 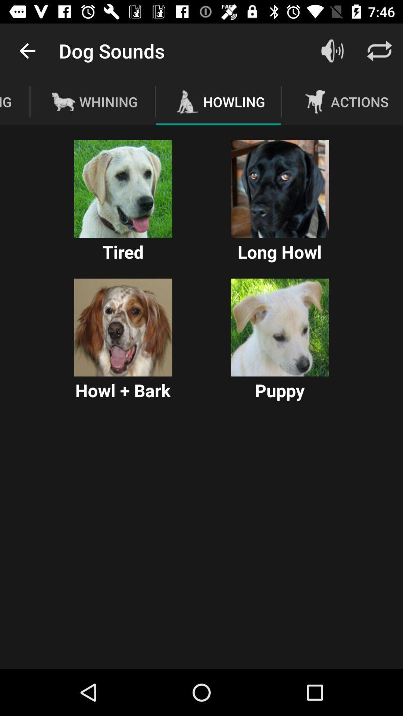 What do you see at coordinates (123, 327) in the screenshot?
I see `howl bark sound` at bounding box center [123, 327].